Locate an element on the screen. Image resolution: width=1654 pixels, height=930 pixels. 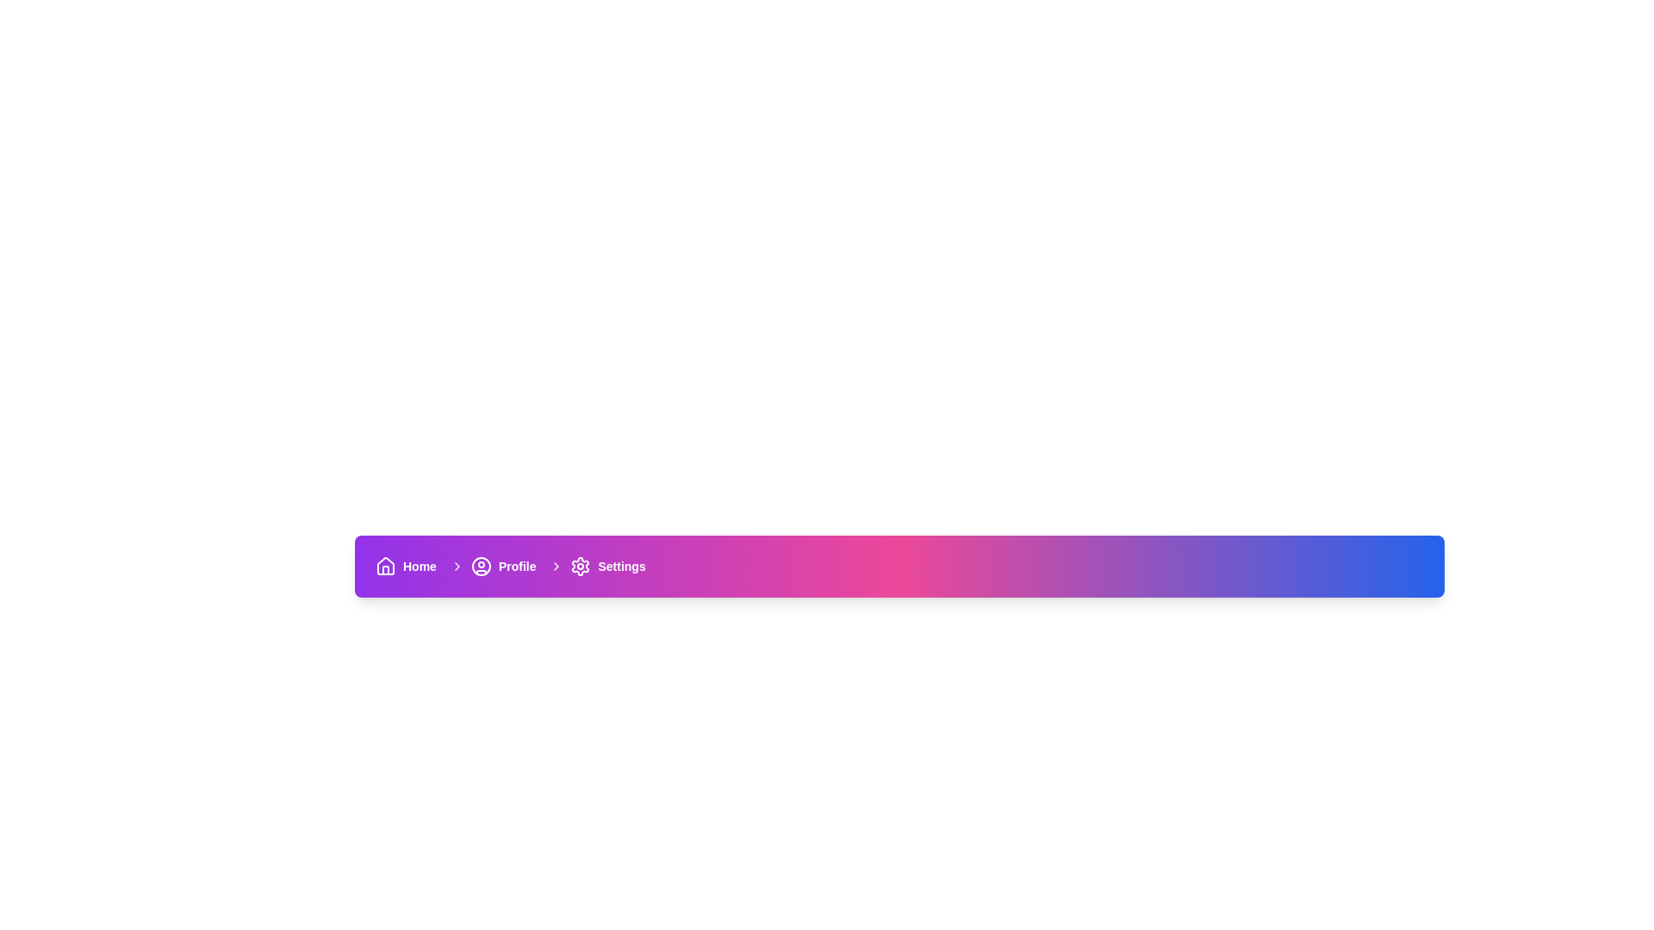
the rightward-pointing chevron icon preceding the 'Settings' text in the navigational breadcrumb bar is located at coordinates (557, 567).